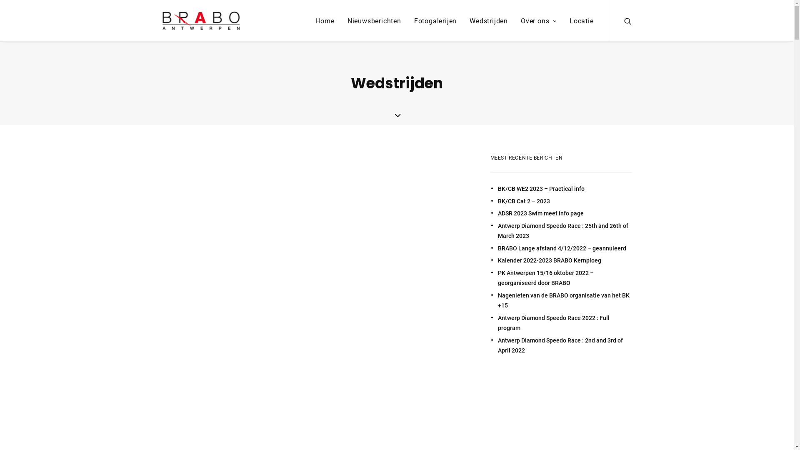 The image size is (800, 450). What do you see at coordinates (538, 20) in the screenshot?
I see `'Over ons'` at bounding box center [538, 20].